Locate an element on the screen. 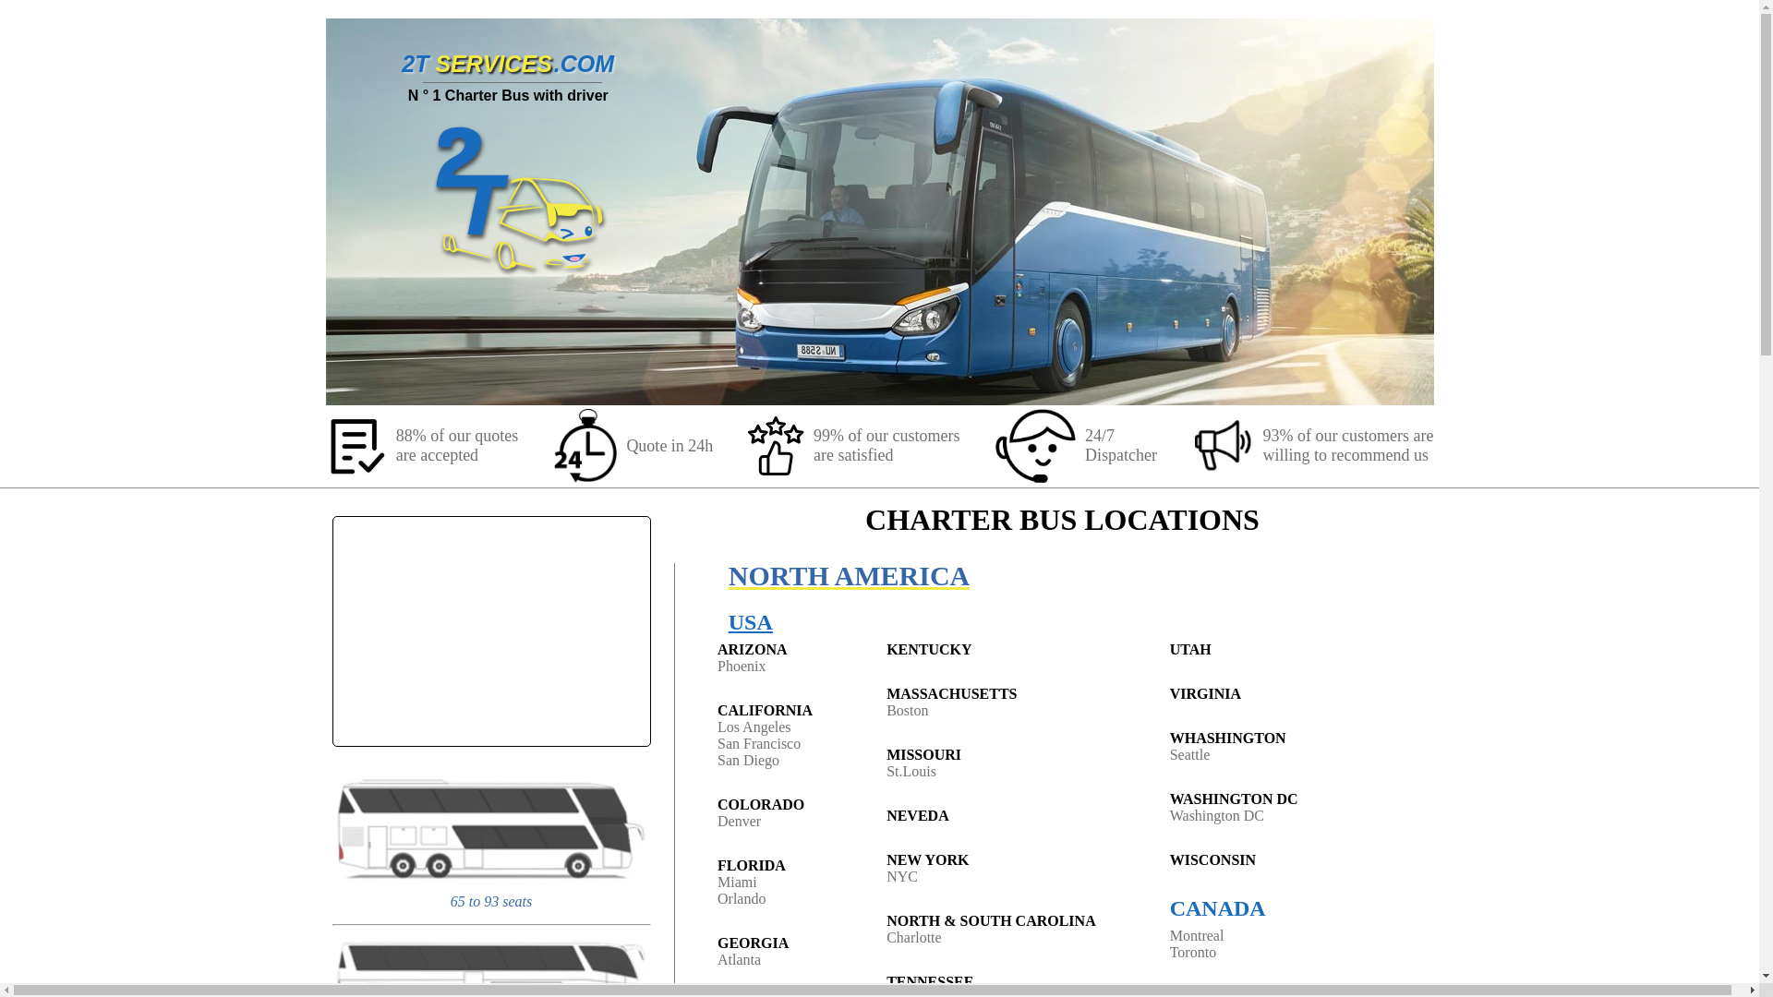  'UTAH' is located at coordinates (1190, 648).